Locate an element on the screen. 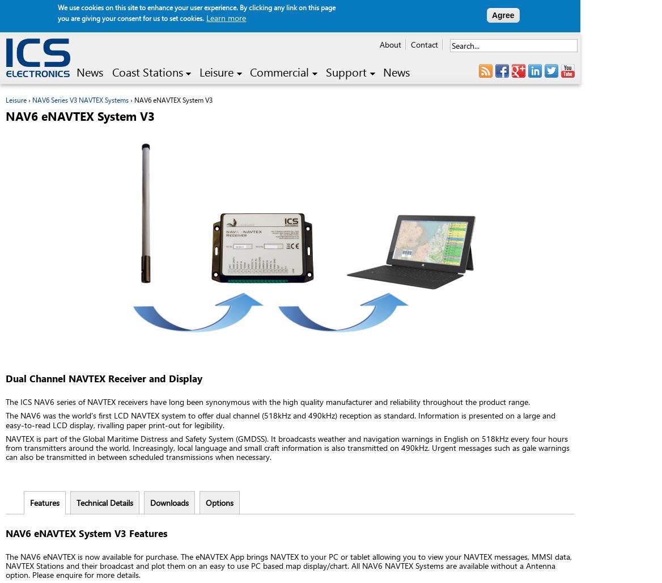 This screenshot has width=662, height=583. 'Options' is located at coordinates (219, 501).